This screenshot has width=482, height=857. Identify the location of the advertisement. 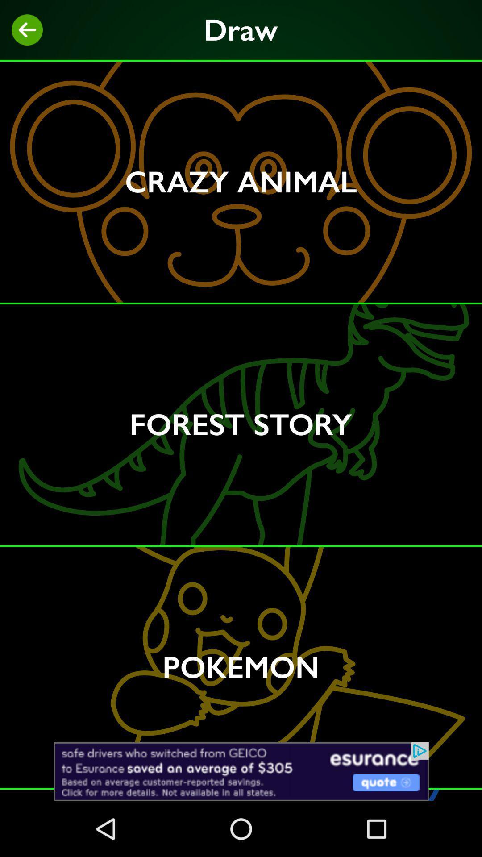
(241, 771).